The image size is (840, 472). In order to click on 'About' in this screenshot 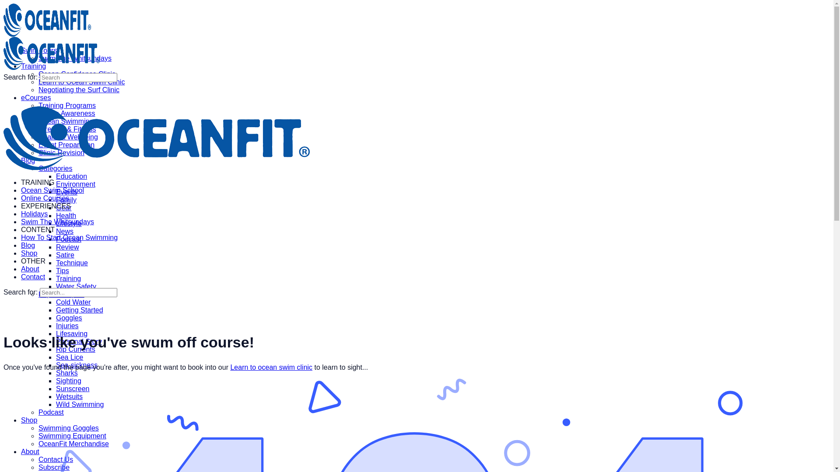, I will do `click(30, 268)`.